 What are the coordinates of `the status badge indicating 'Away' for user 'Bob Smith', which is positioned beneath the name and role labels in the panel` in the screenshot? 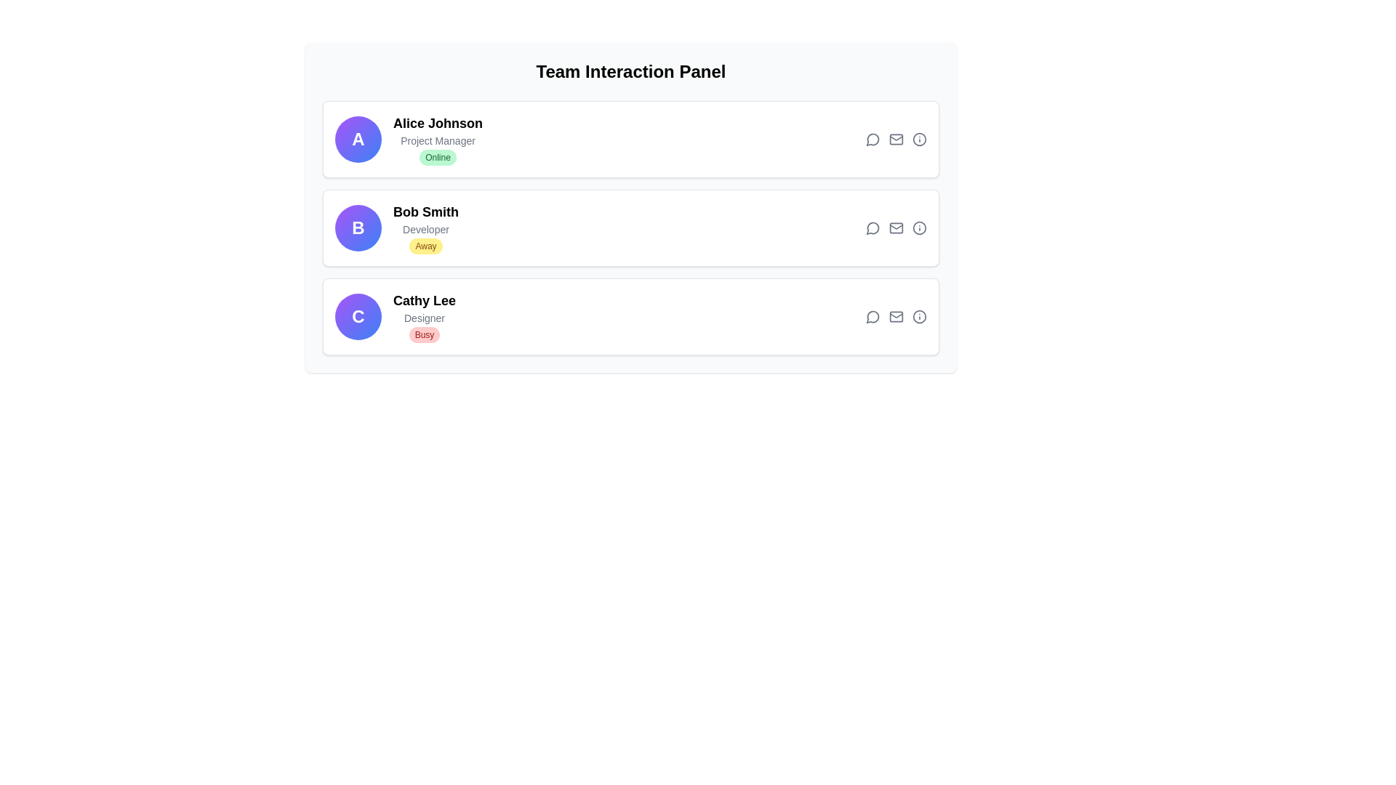 It's located at (425, 246).